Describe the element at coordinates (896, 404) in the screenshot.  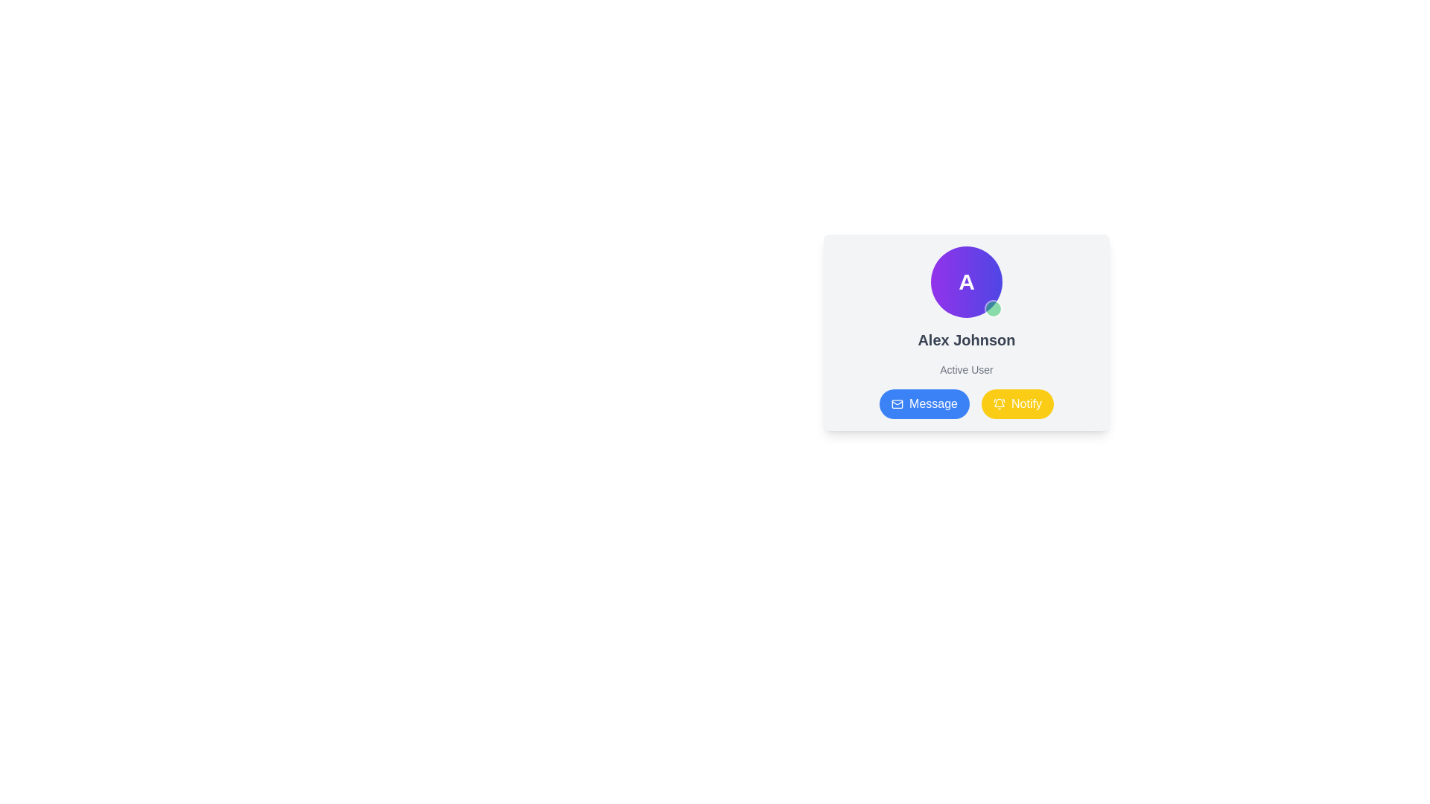
I see `the inner rectangle of the message icon associated with communication functionality, located within the blue button labeled 'Message' below Alex Johnson's profile information` at that location.